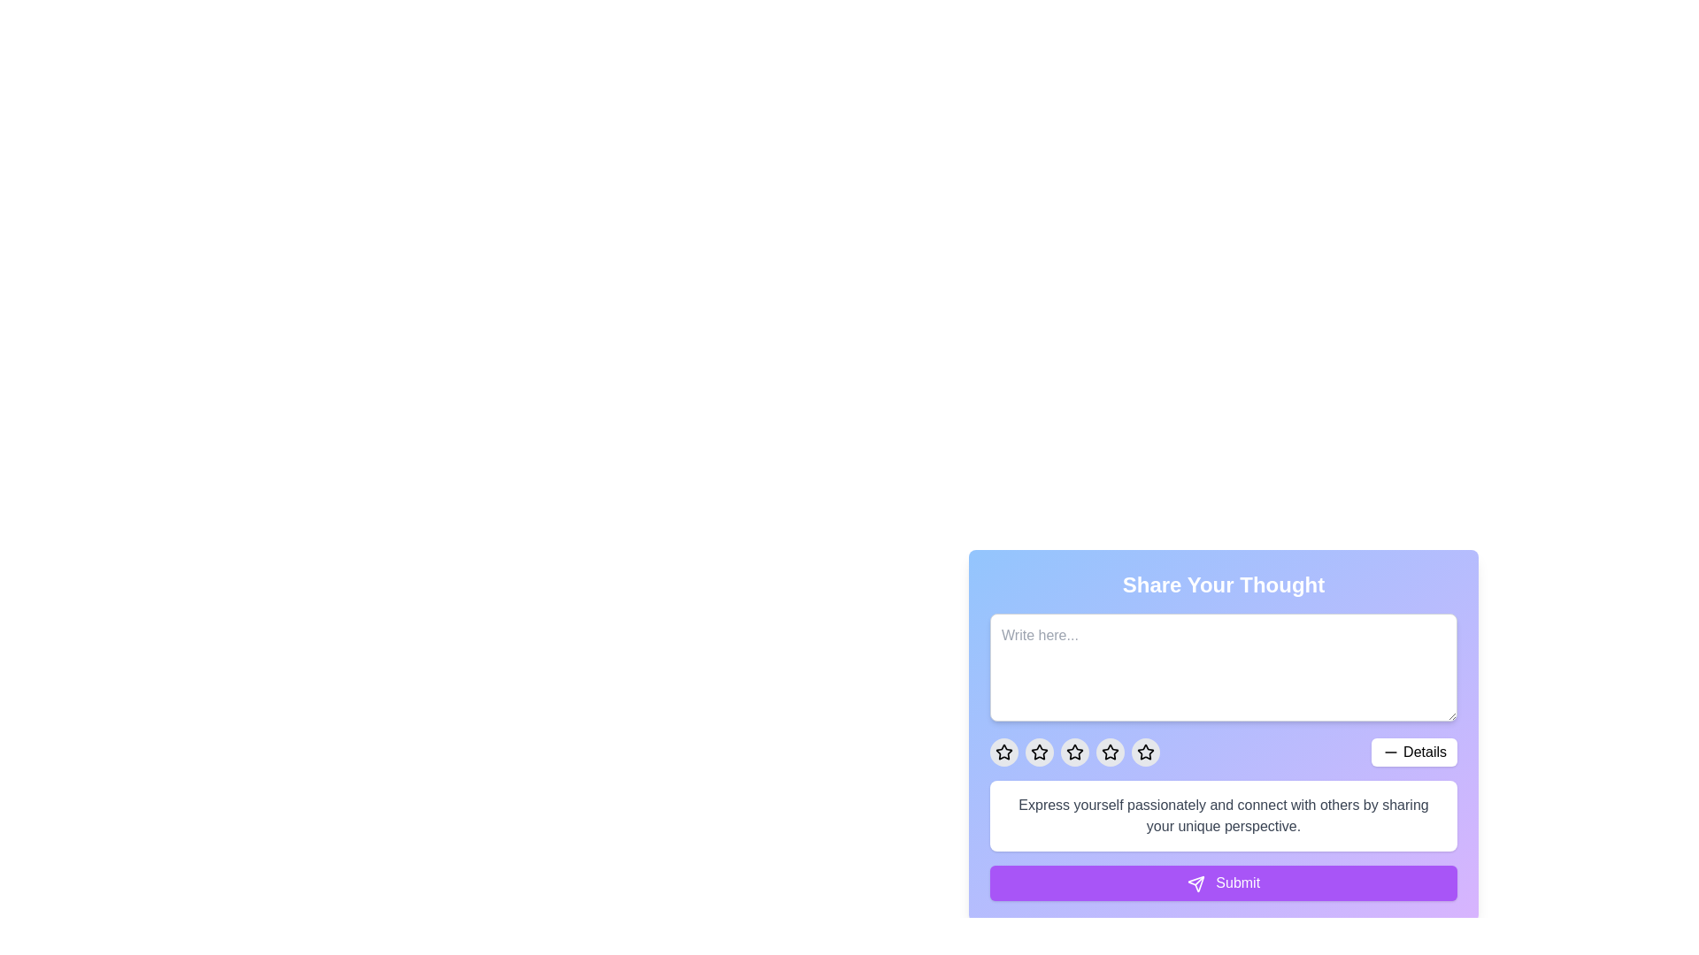  What do you see at coordinates (1146, 753) in the screenshot?
I see `the fifth star icon in the horizontal row of rating stars, which is styled with a hollow interior and a bold stroke` at bounding box center [1146, 753].